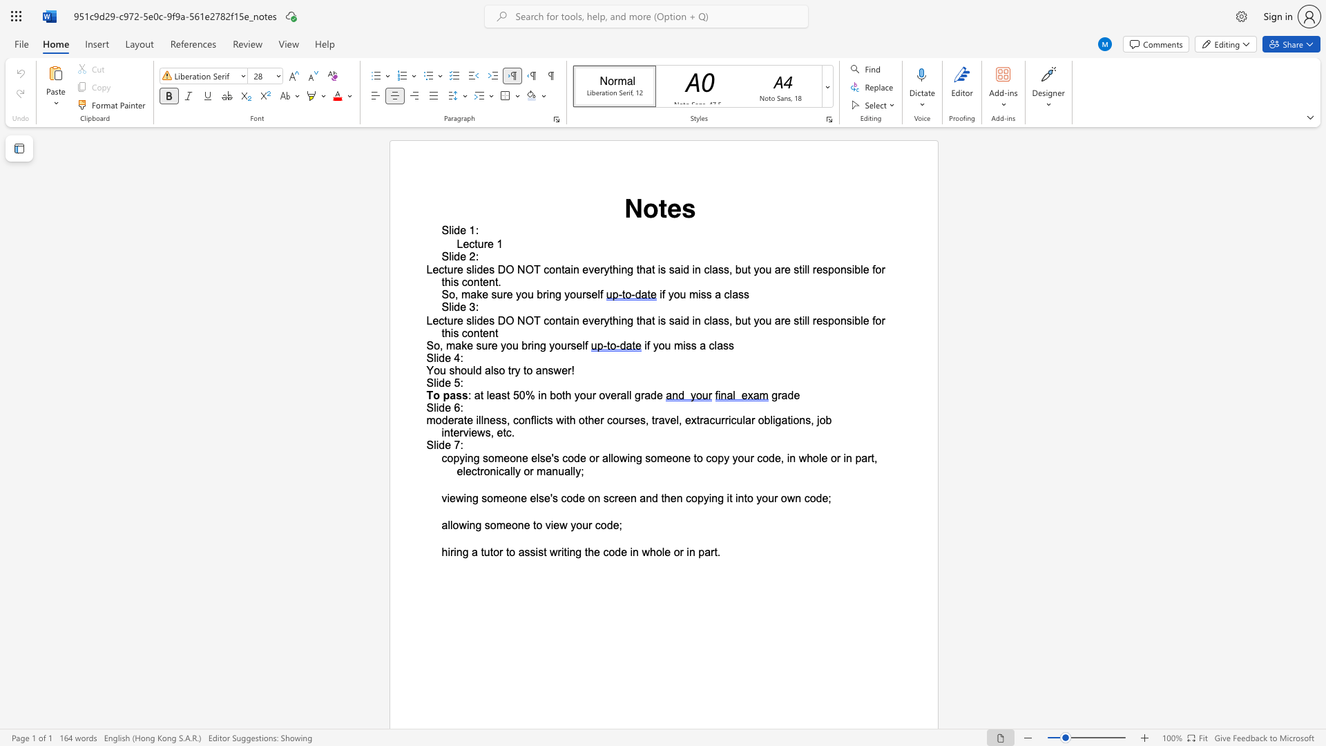 Image resolution: width=1326 pixels, height=746 pixels. What do you see at coordinates (498, 370) in the screenshot?
I see `the subset text "o t" within the text "You should also try to answer!"` at bounding box center [498, 370].